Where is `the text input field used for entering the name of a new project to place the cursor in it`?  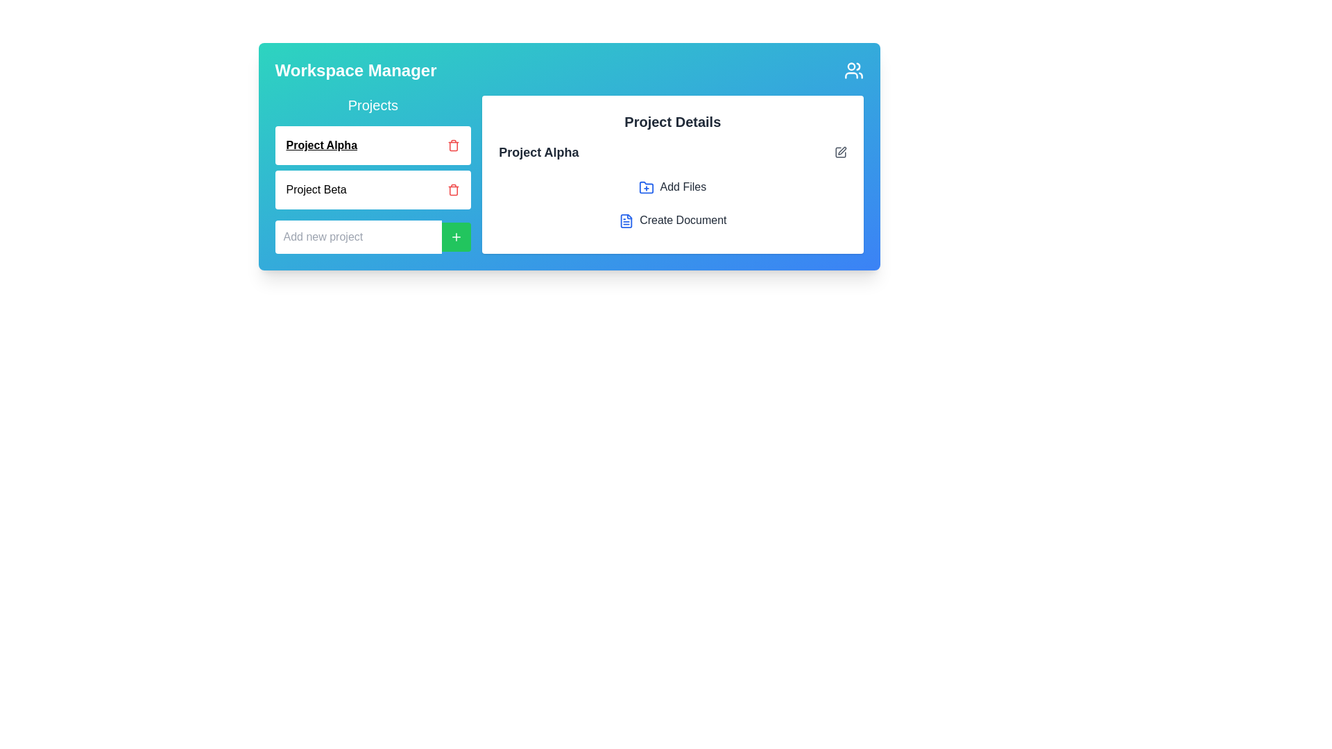 the text input field used for entering the name of a new project to place the cursor in it is located at coordinates (358, 236).